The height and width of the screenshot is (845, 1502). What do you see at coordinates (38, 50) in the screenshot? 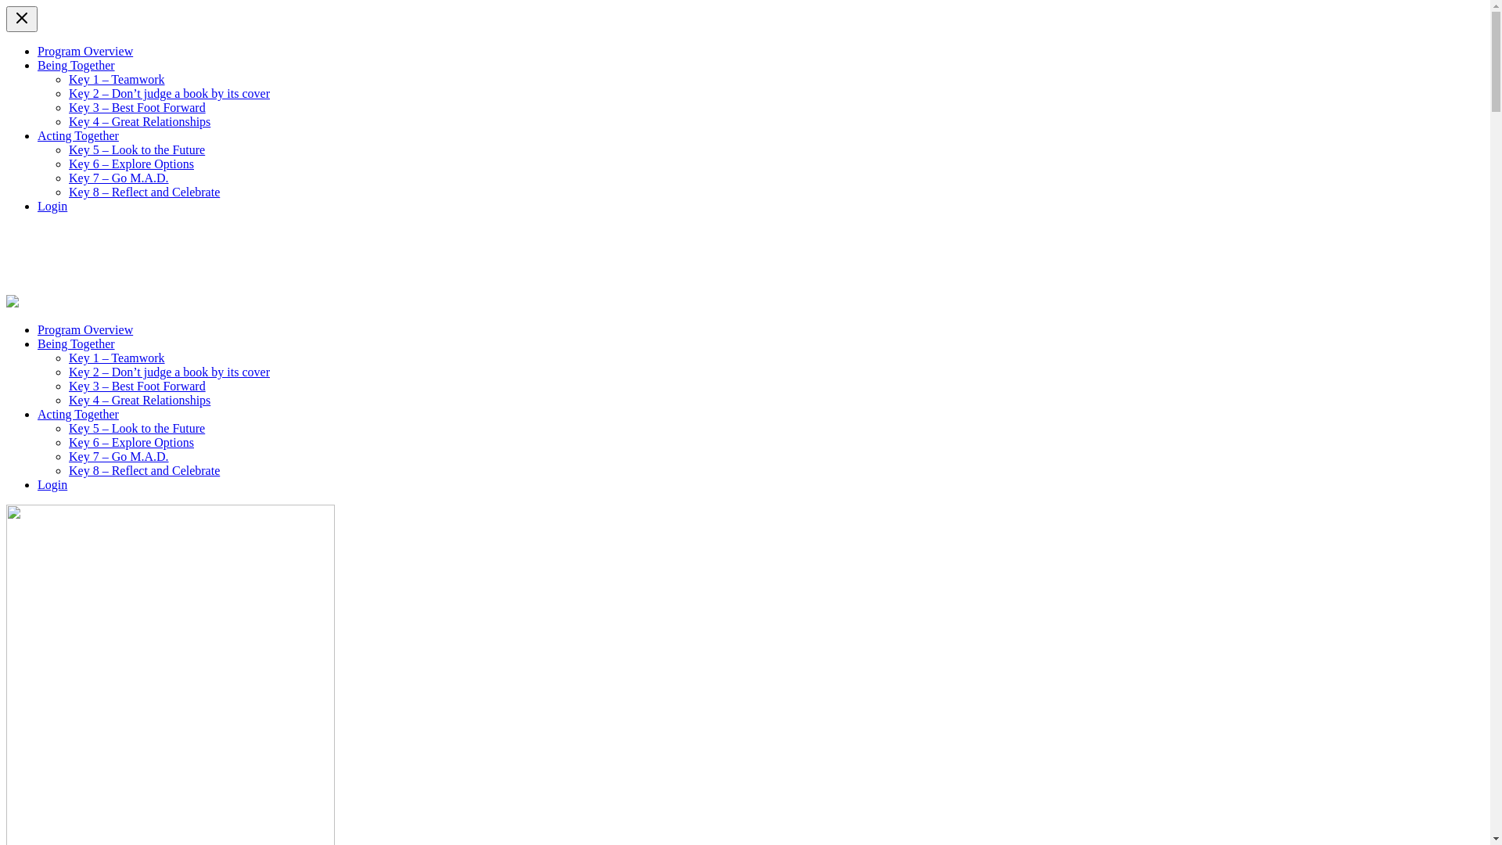
I see `'Program Overview'` at bounding box center [38, 50].